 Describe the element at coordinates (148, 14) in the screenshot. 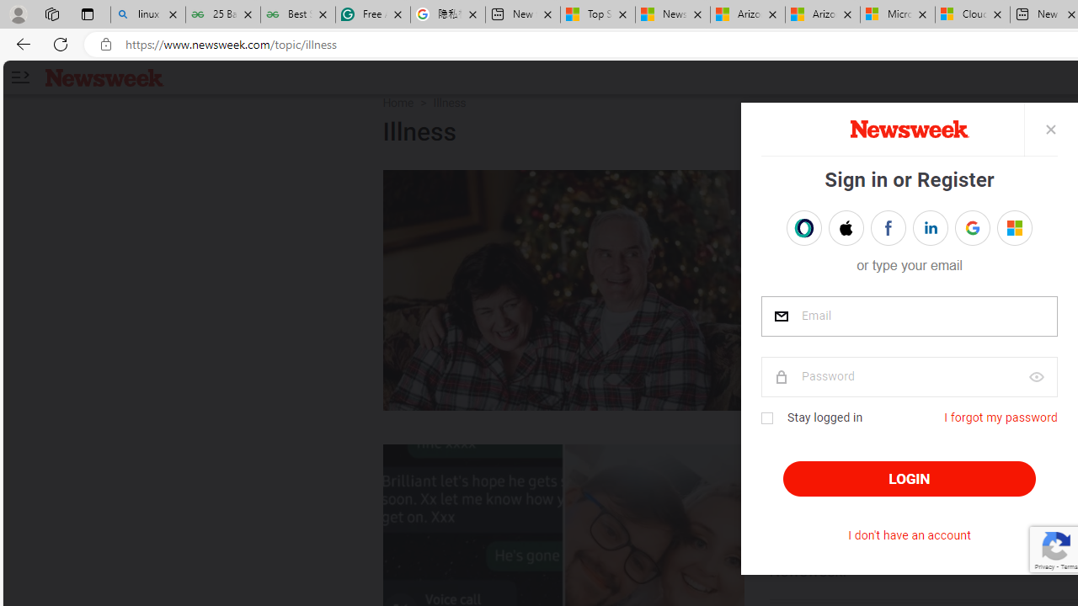

I see `'linux basic - Search'` at that location.